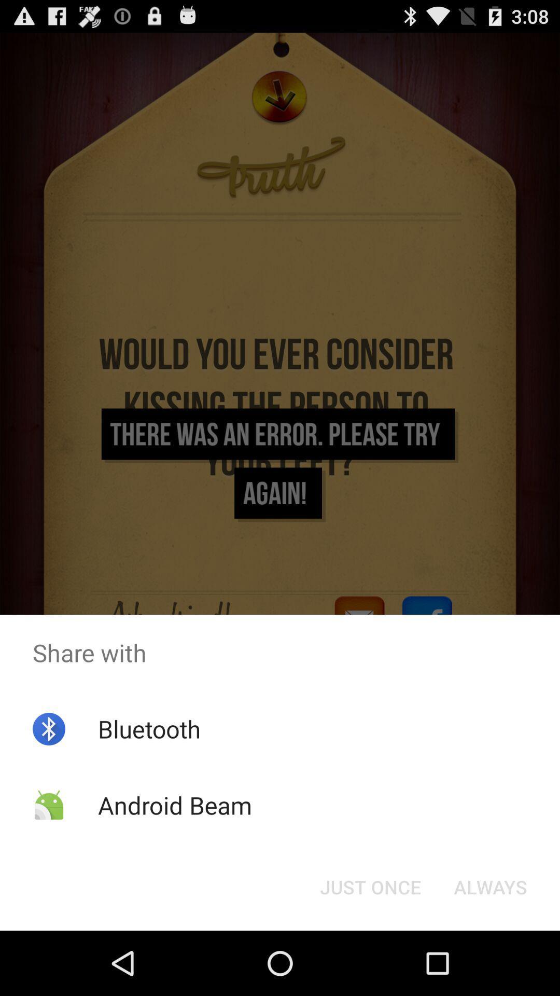  I want to click on item below share with, so click(149, 728).